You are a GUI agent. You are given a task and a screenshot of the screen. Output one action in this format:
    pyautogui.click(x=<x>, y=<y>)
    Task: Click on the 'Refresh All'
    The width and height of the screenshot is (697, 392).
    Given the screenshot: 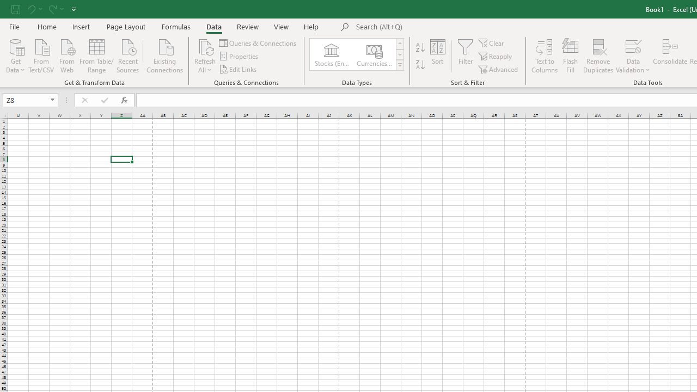 What is the action you would take?
    pyautogui.click(x=205, y=56)
    